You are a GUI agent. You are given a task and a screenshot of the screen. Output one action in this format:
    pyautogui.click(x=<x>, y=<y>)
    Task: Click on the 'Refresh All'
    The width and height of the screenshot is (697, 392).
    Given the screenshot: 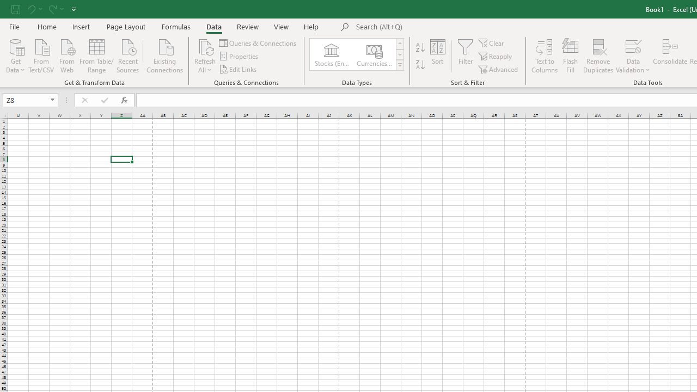 What is the action you would take?
    pyautogui.click(x=205, y=56)
    